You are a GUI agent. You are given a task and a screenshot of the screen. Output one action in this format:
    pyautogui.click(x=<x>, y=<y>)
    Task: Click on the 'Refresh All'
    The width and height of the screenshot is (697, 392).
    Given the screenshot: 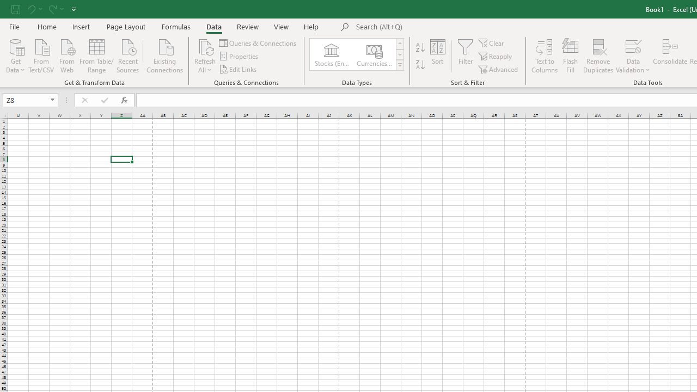 What is the action you would take?
    pyautogui.click(x=205, y=56)
    